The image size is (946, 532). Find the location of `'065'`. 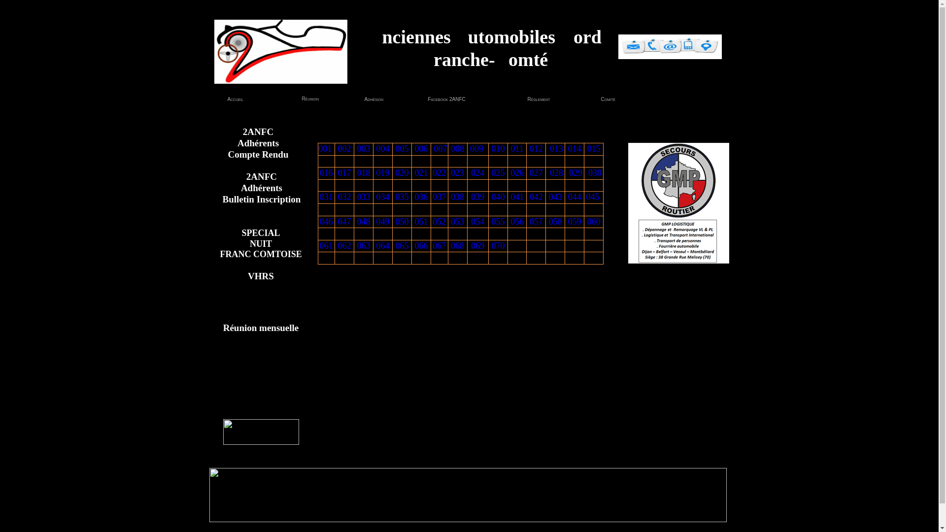

'065' is located at coordinates (402, 245).